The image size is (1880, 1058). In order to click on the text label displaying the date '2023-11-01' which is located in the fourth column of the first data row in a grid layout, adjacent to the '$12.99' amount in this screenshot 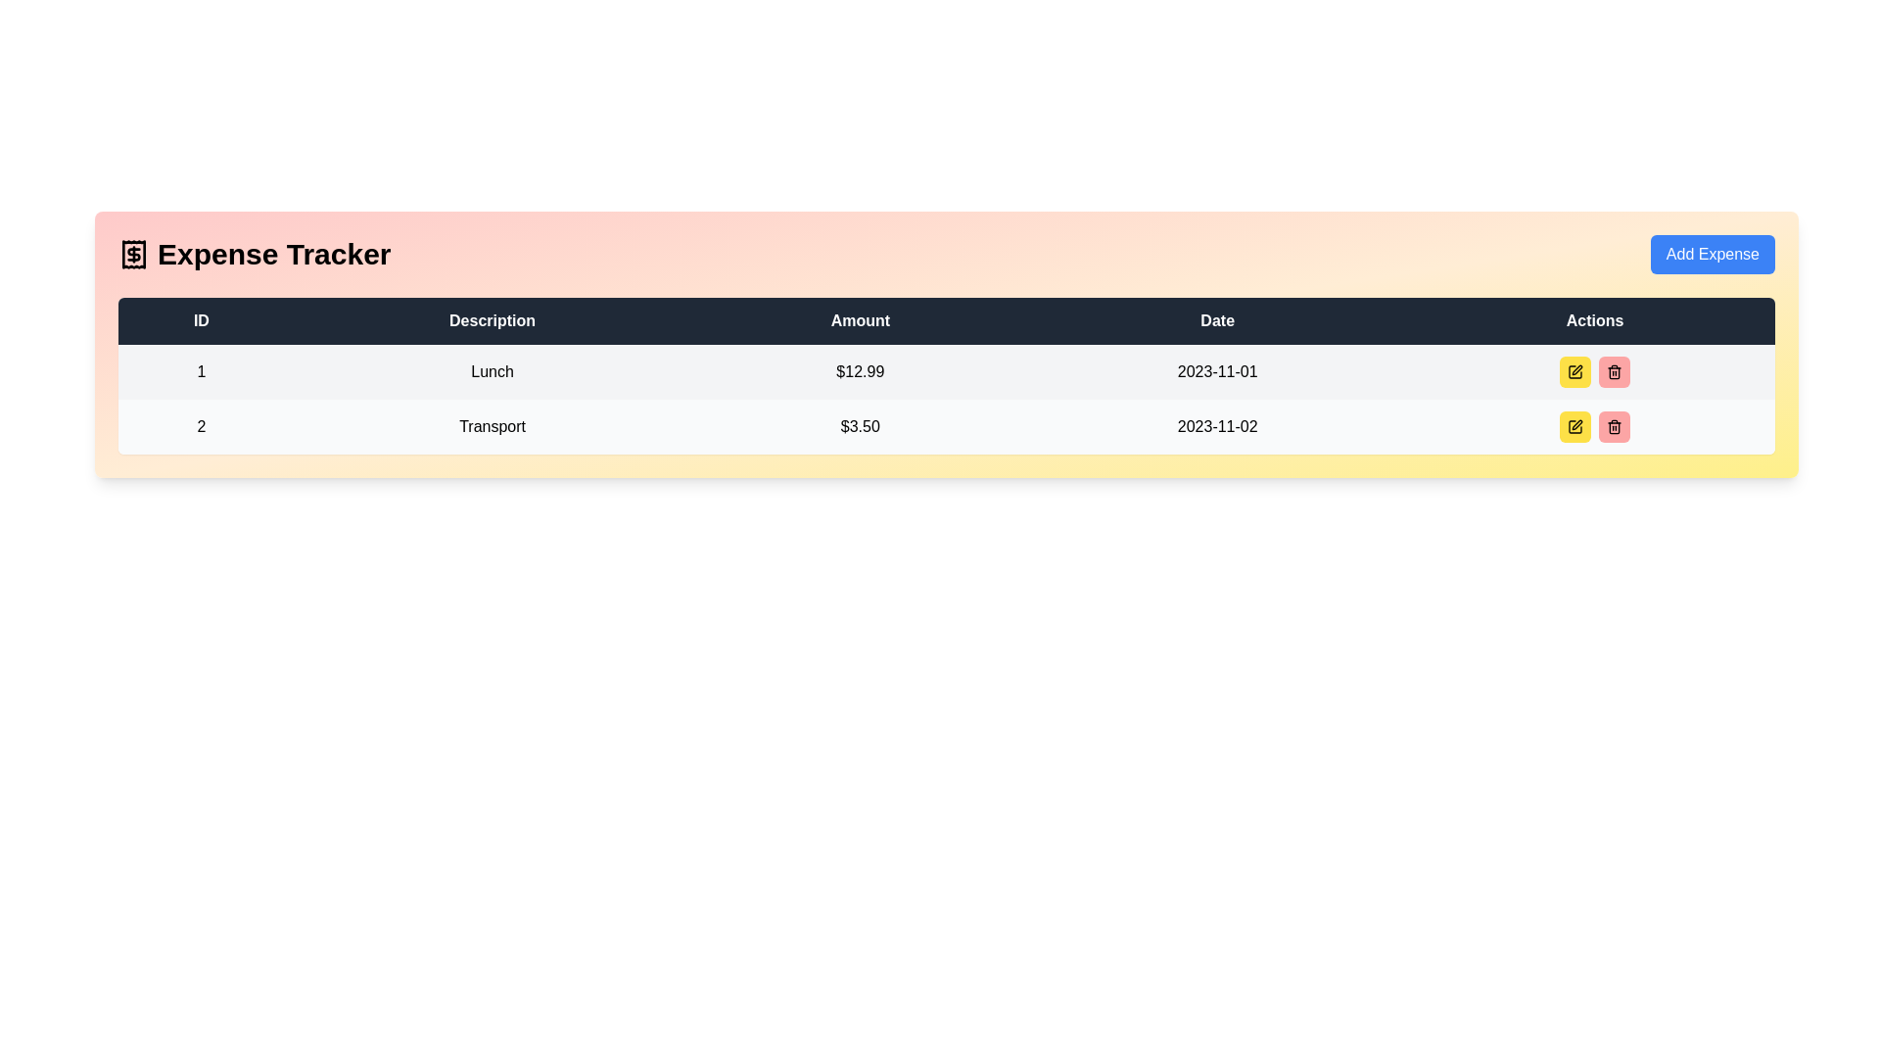, I will do `click(1216, 372)`.